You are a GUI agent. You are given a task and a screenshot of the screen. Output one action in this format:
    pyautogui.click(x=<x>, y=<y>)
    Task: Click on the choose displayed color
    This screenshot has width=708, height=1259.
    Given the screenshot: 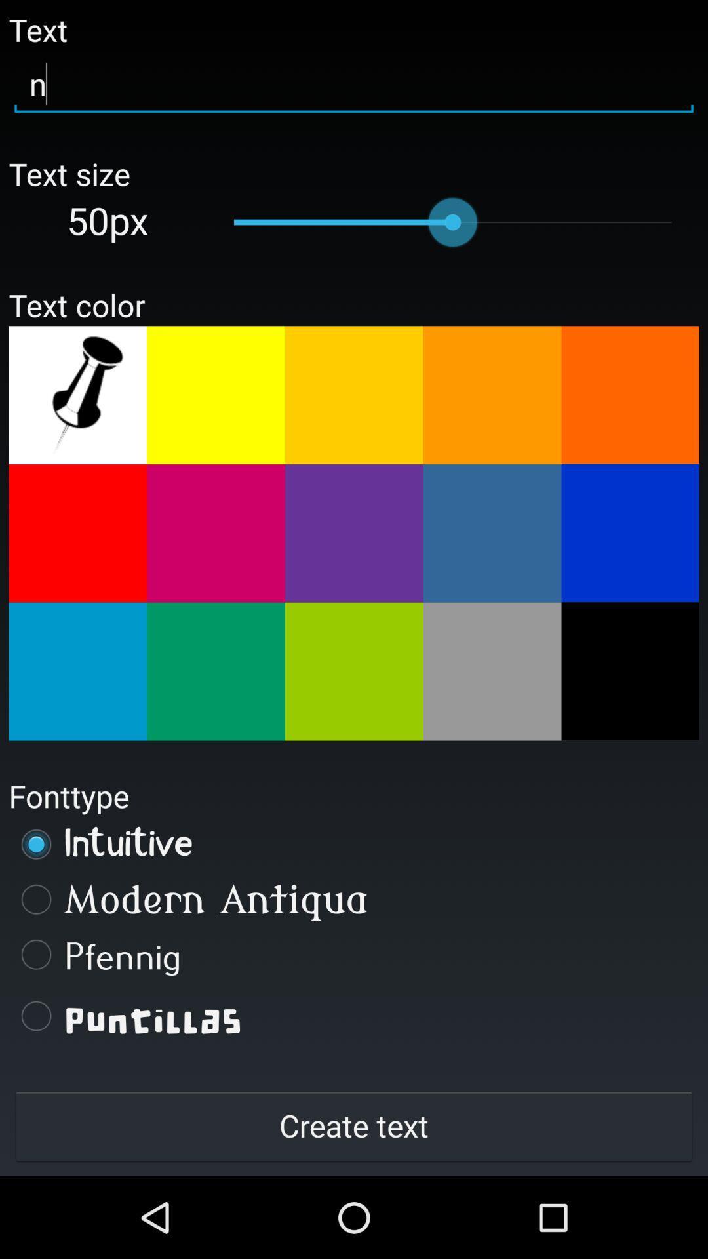 What is the action you would take?
    pyautogui.click(x=354, y=671)
    